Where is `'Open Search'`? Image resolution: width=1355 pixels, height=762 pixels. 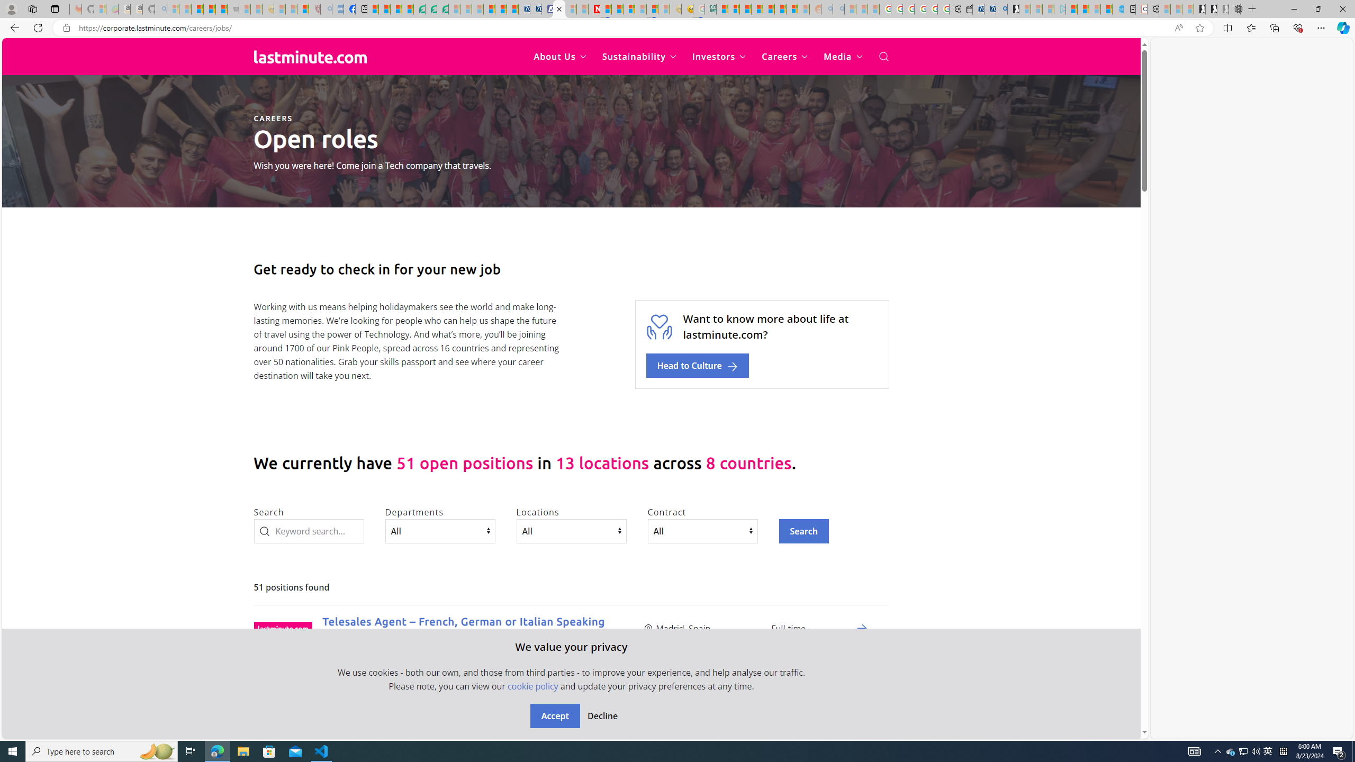 'Open Search' is located at coordinates (883, 57).